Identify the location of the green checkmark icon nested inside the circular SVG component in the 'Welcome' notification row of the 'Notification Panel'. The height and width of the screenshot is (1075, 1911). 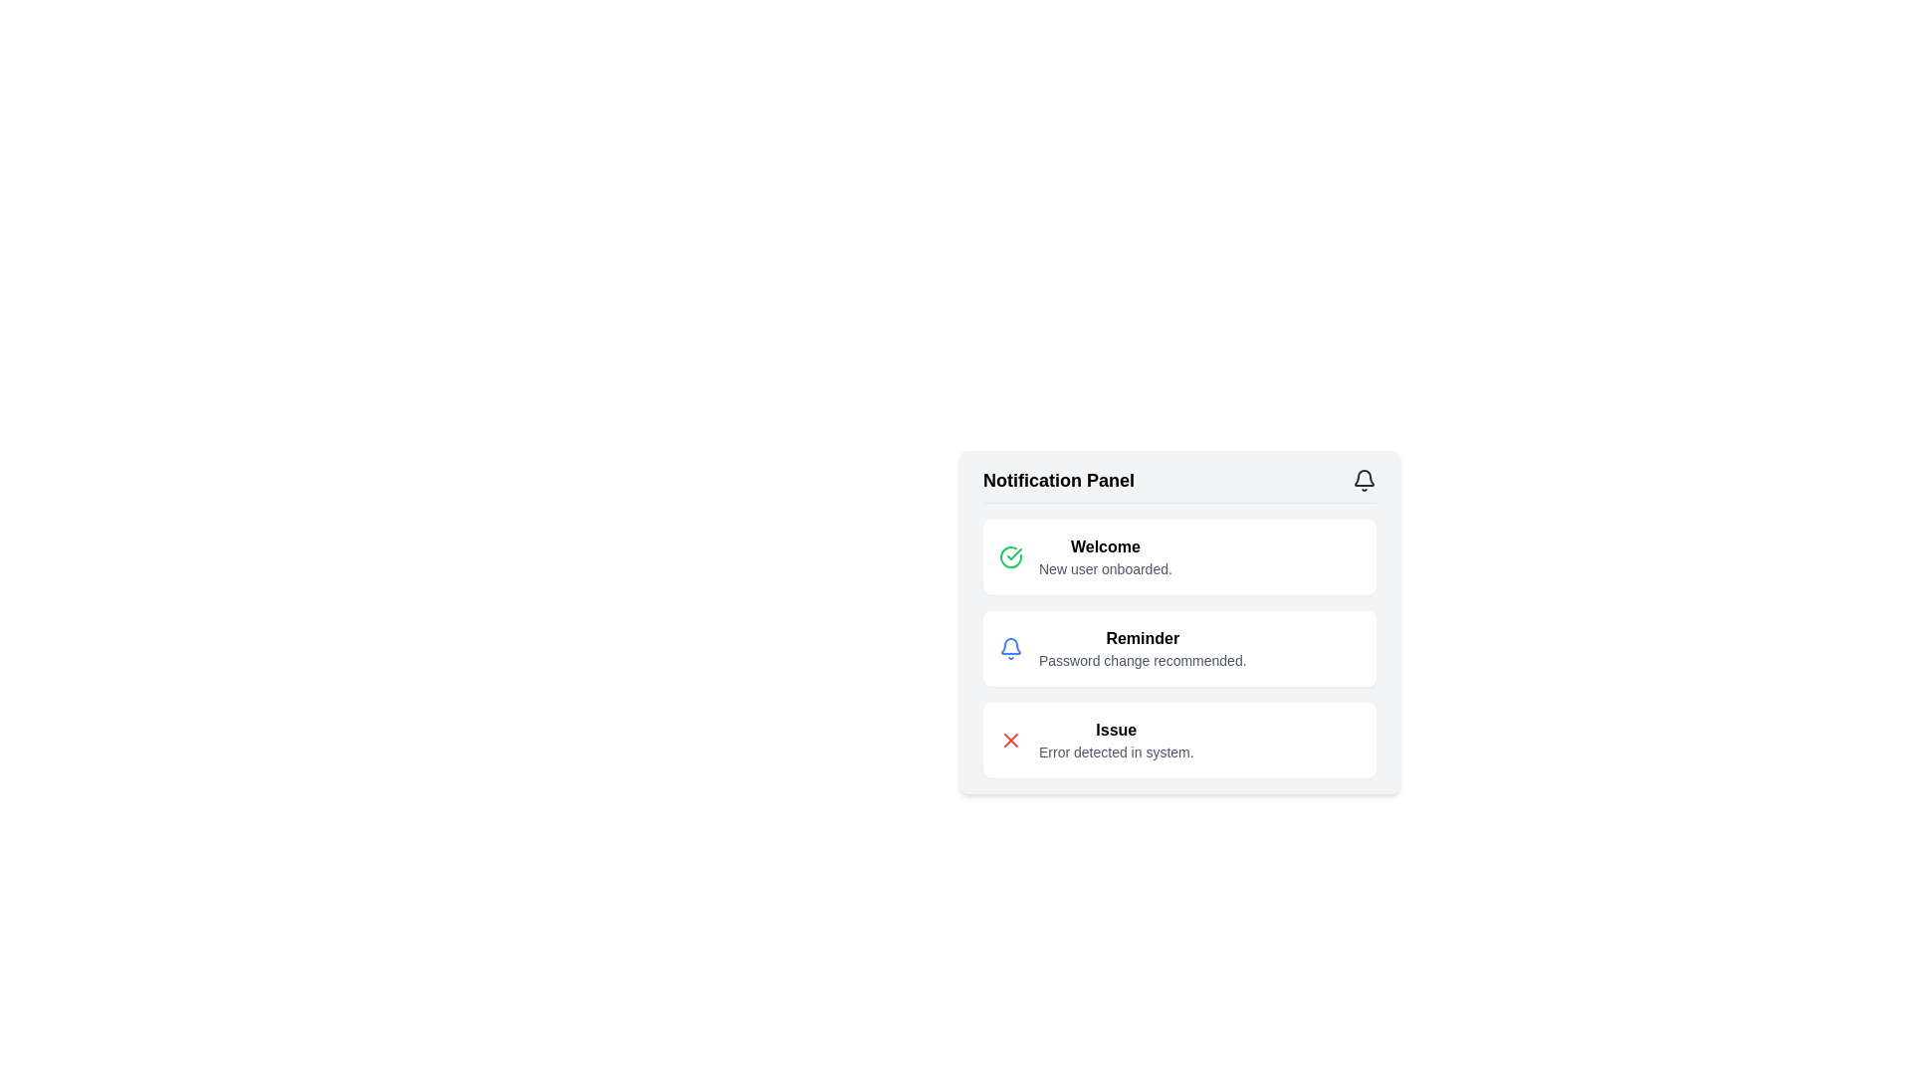
(1014, 553).